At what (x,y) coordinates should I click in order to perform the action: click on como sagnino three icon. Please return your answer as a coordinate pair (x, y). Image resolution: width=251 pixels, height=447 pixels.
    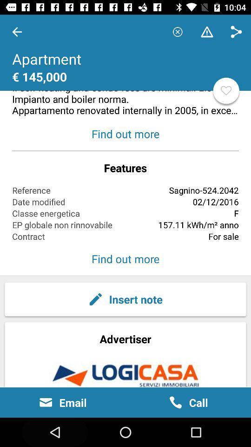
    Looking at the image, I should click on (125, 65).